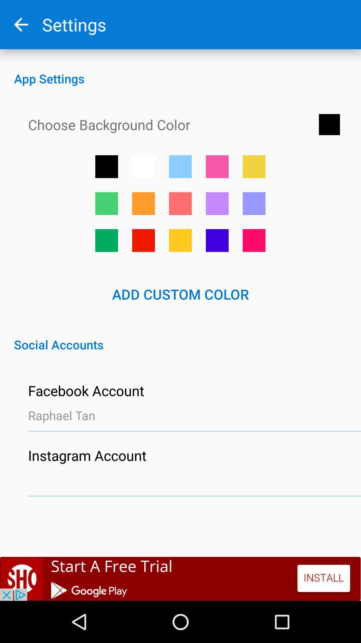 The image size is (361, 643). Describe the element at coordinates (254, 203) in the screenshot. I see `color` at that location.